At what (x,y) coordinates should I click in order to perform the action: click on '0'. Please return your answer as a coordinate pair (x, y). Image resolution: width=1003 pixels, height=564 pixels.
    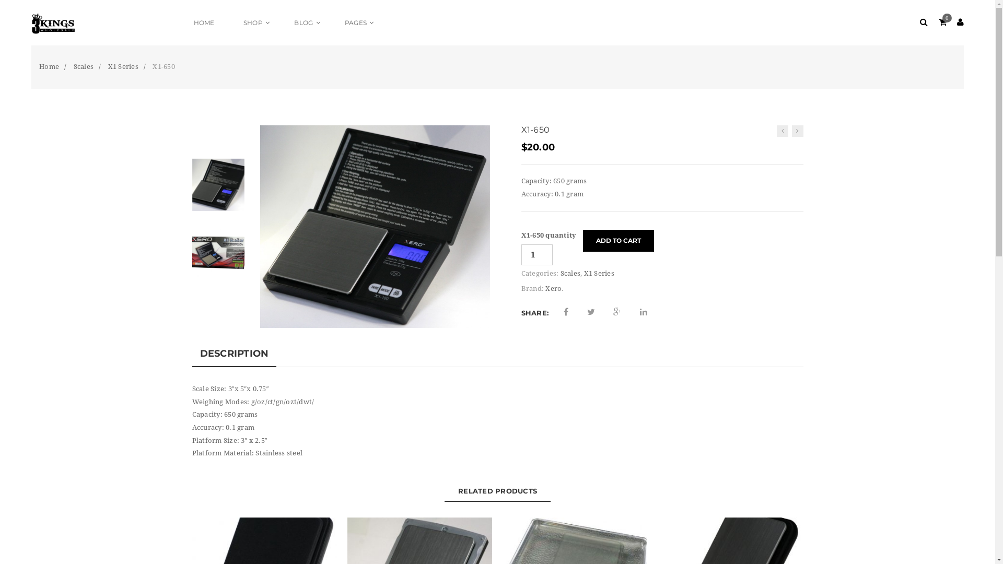
    Looking at the image, I should click on (942, 22).